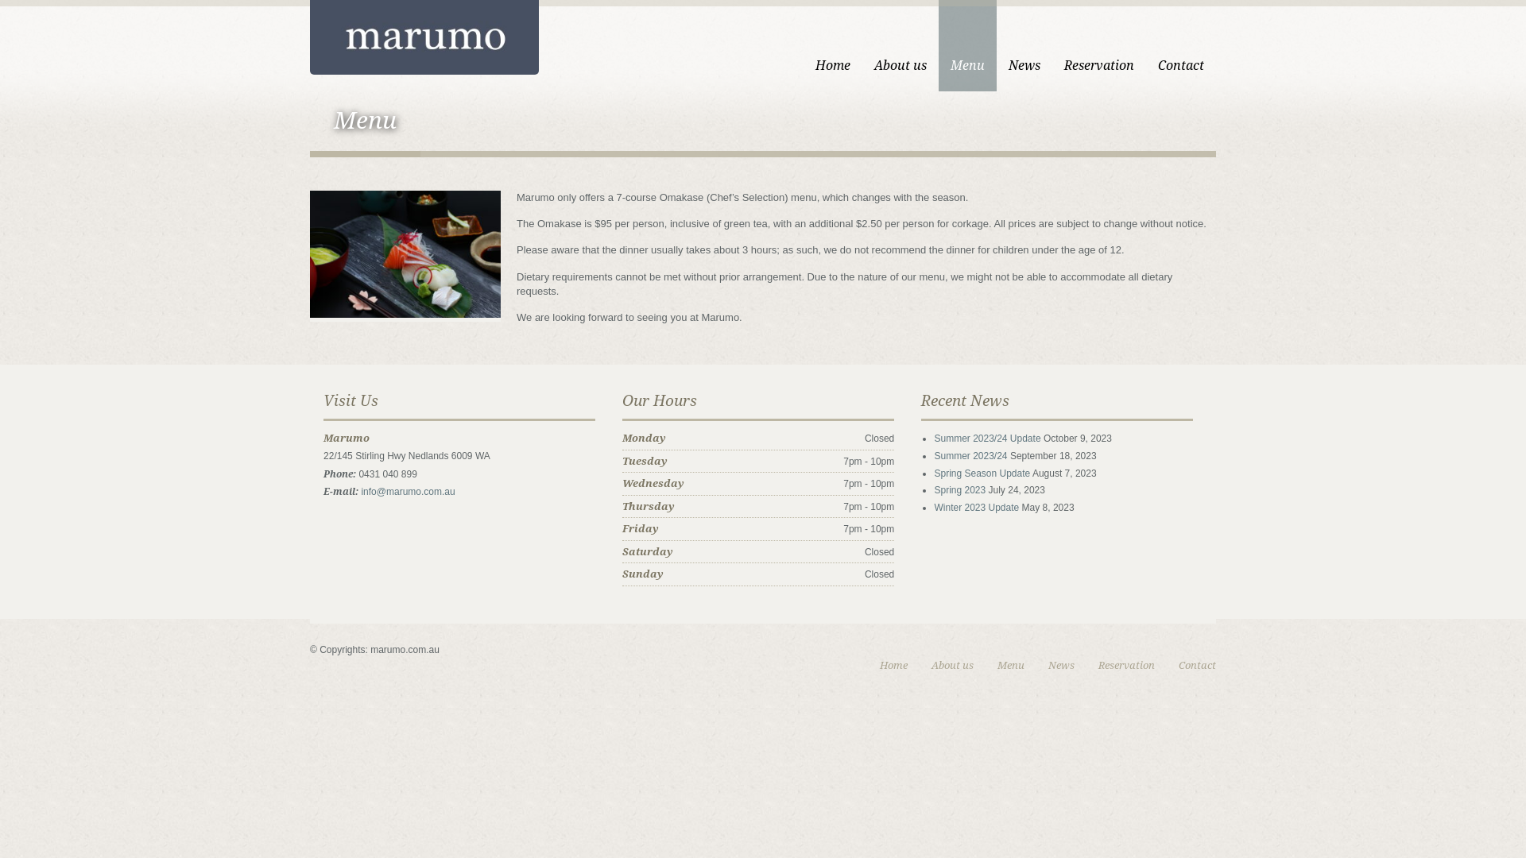  What do you see at coordinates (969, 456) in the screenshot?
I see `'Summer 2023/24'` at bounding box center [969, 456].